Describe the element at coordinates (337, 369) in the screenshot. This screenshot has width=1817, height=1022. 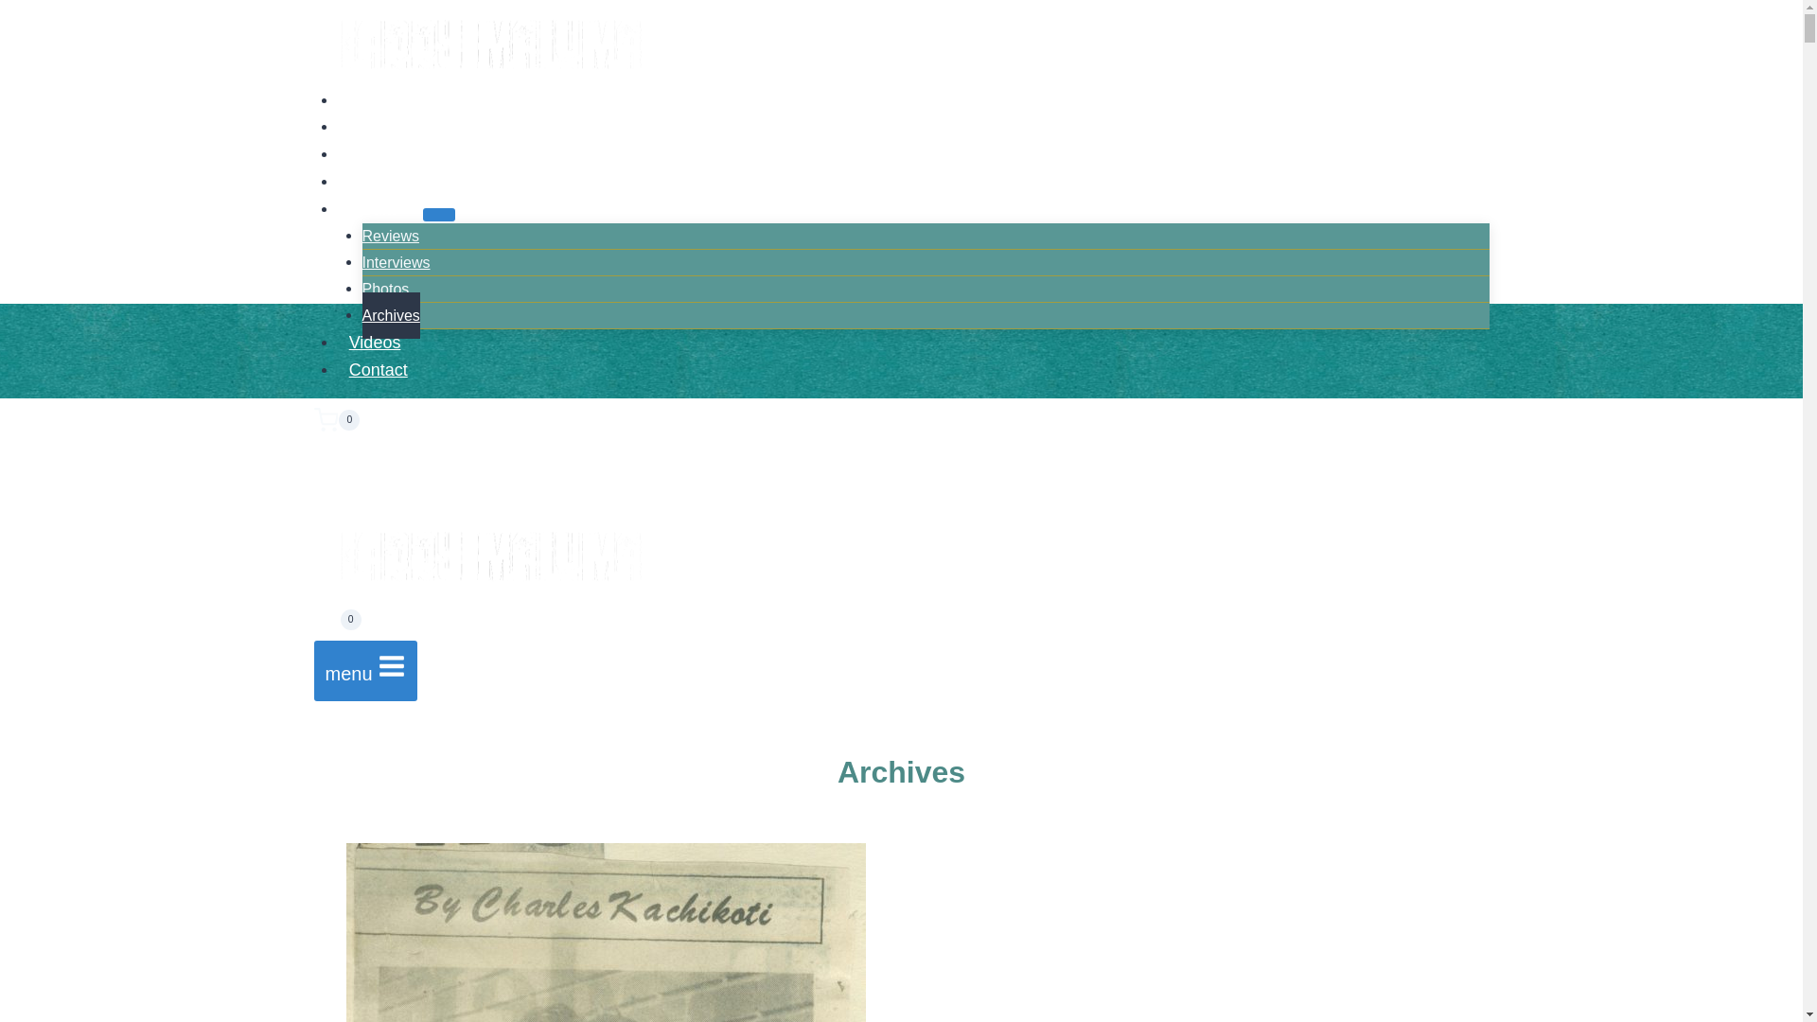
I see `'Contact'` at that location.